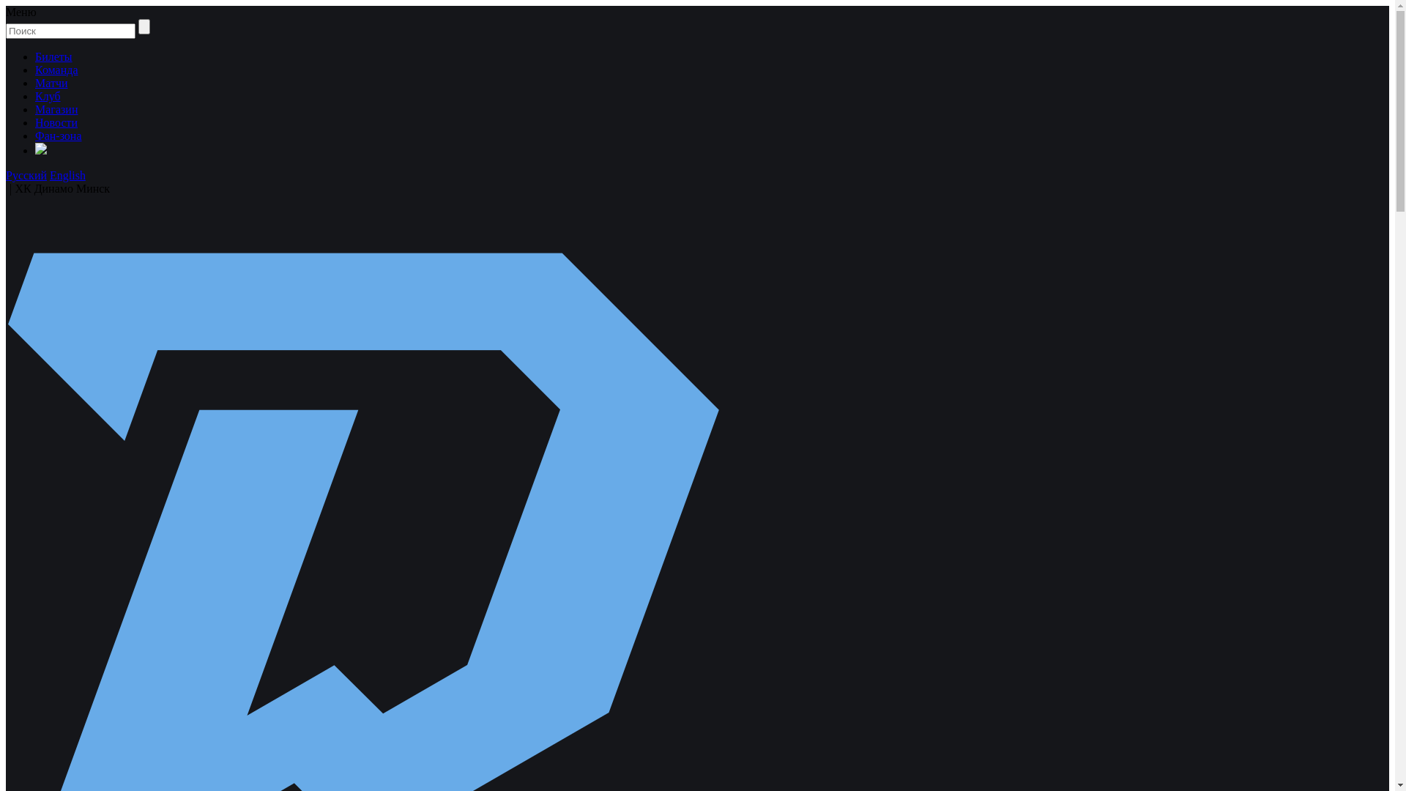 Image resolution: width=1406 pixels, height=791 pixels. I want to click on 'English', so click(67, 174).